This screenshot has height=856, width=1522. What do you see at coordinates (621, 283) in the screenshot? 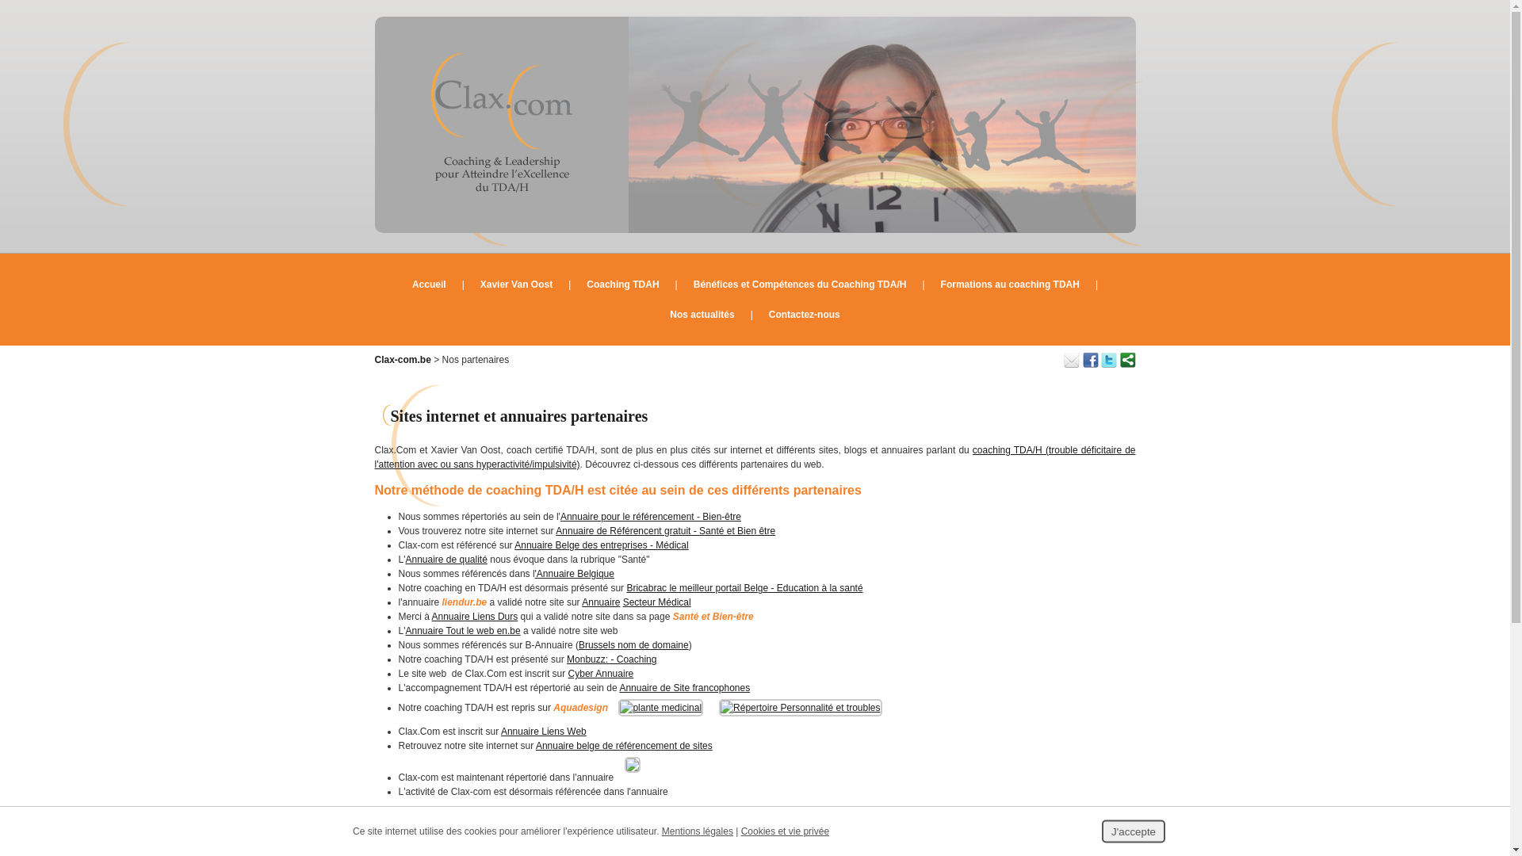
I see `'Coaching TDAH'` at bounding box center [621, 283].